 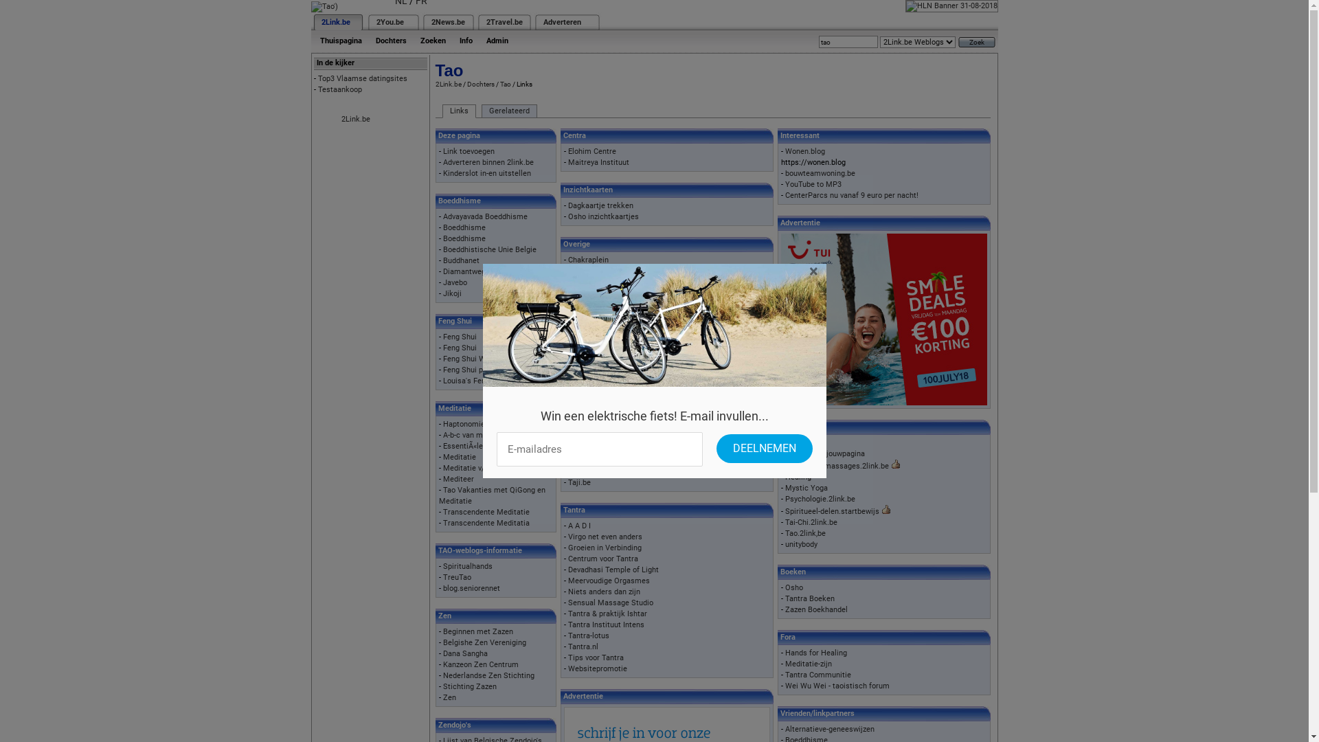 What do you see at coordinates (442, 151) in the screenshot?
I see `'Link toevoegen'` at bounding box center [442, 151].